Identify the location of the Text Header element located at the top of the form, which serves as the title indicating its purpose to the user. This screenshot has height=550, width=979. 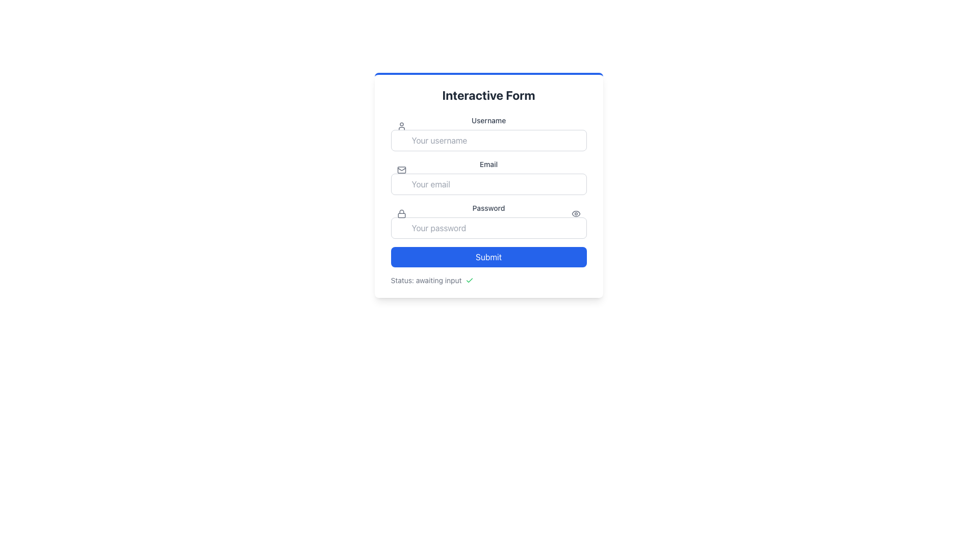
(488, 95).